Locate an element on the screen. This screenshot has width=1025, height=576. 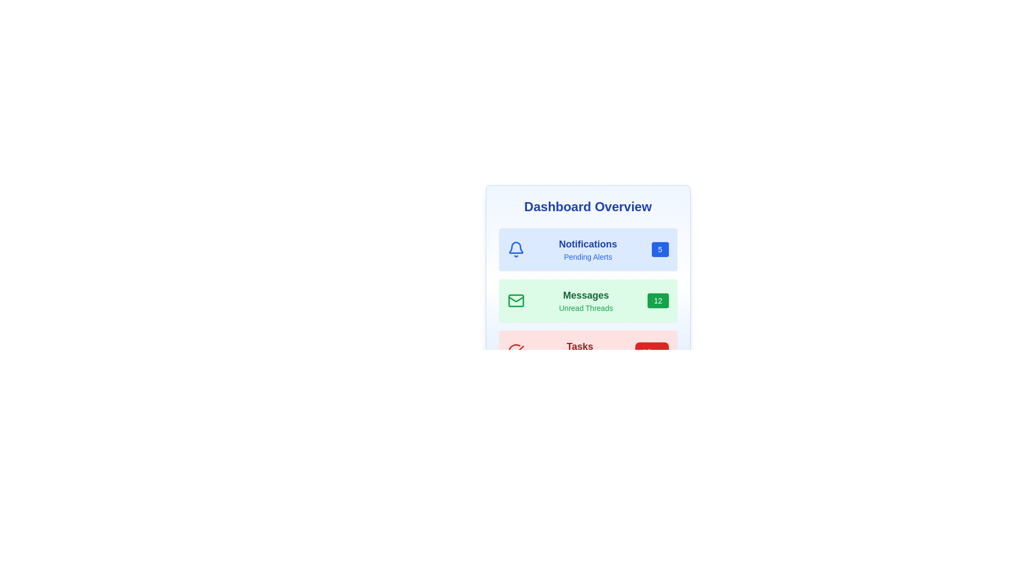
the Notification card, which is the first card in the stack of notification cards located below the 'Dashboard Overview' header is located at coordinates (587, 249).